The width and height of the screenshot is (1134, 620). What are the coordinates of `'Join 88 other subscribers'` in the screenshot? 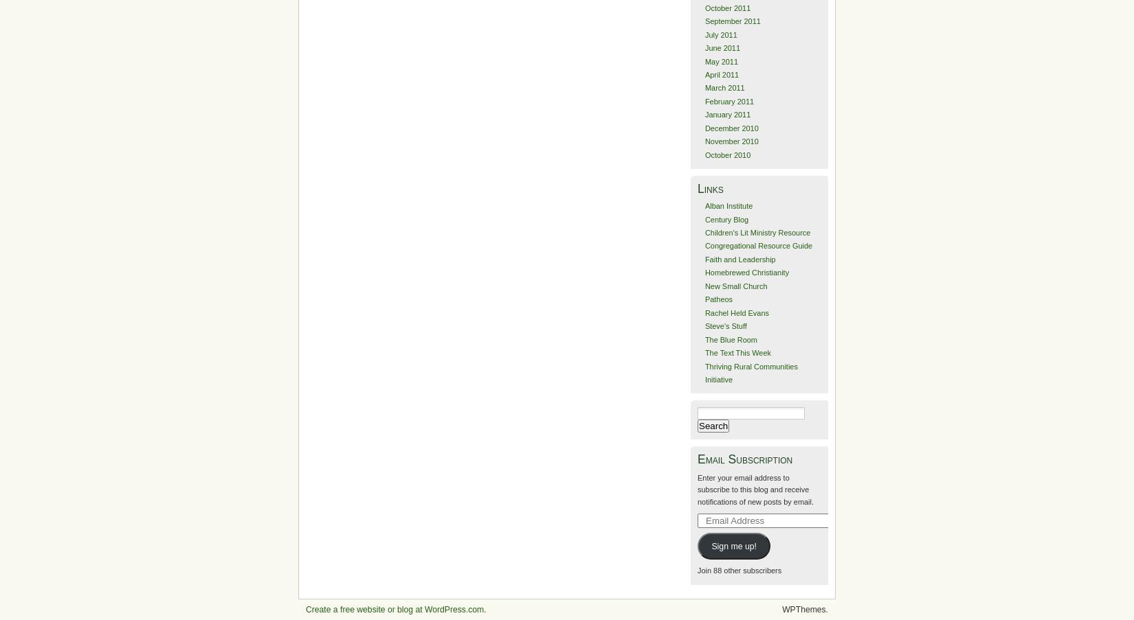 It's located at (739, 570).